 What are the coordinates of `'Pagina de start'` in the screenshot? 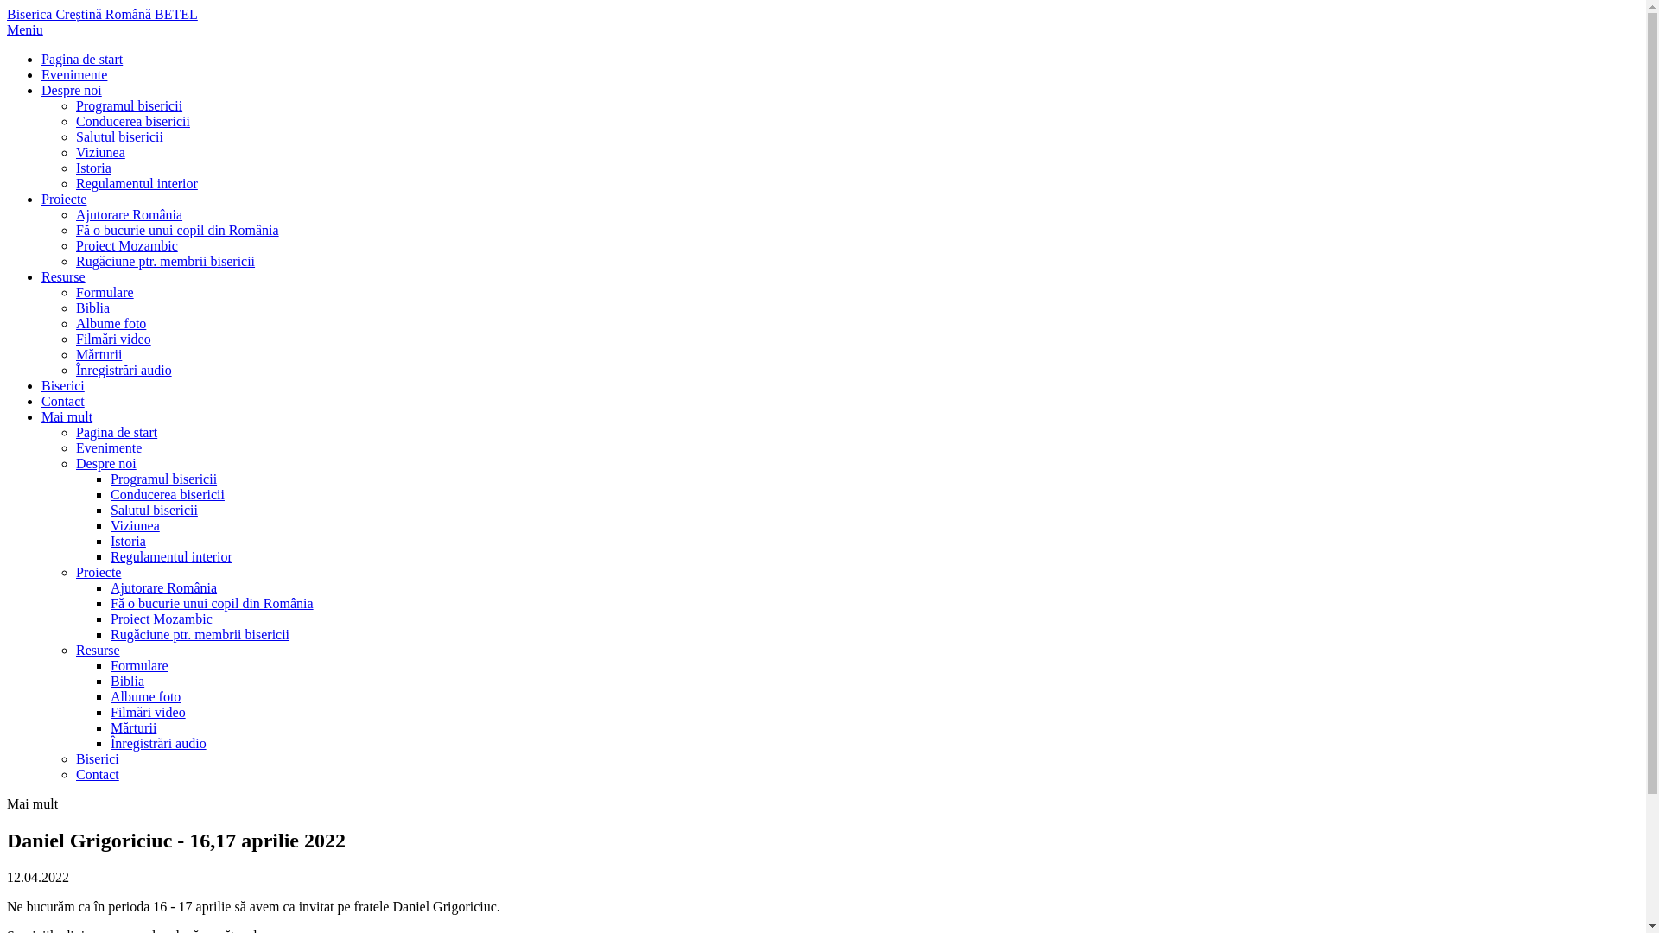 It's located at (115, 431).